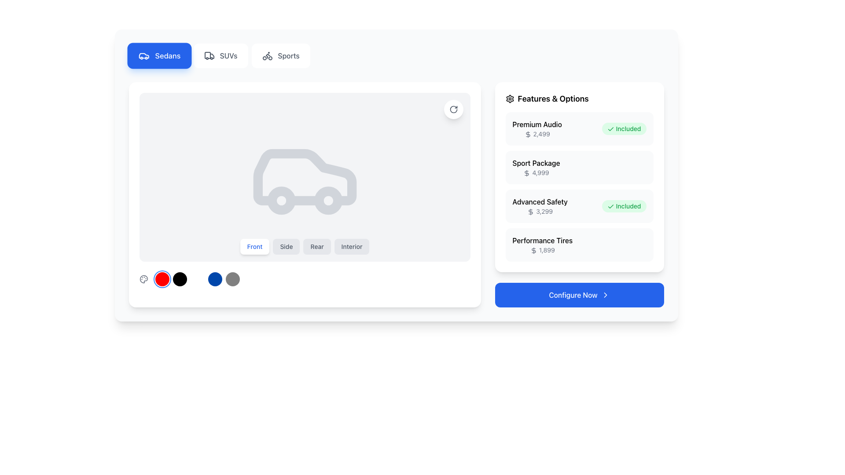  What do you see at coordinates (530, 212) in the screenshot?
I see `the monetary value icon located next to the price '3,299' under the 'Advanced Safety' feature in the 'Features & Options' section on the right-hand panel` at bounding box center [530, 212].